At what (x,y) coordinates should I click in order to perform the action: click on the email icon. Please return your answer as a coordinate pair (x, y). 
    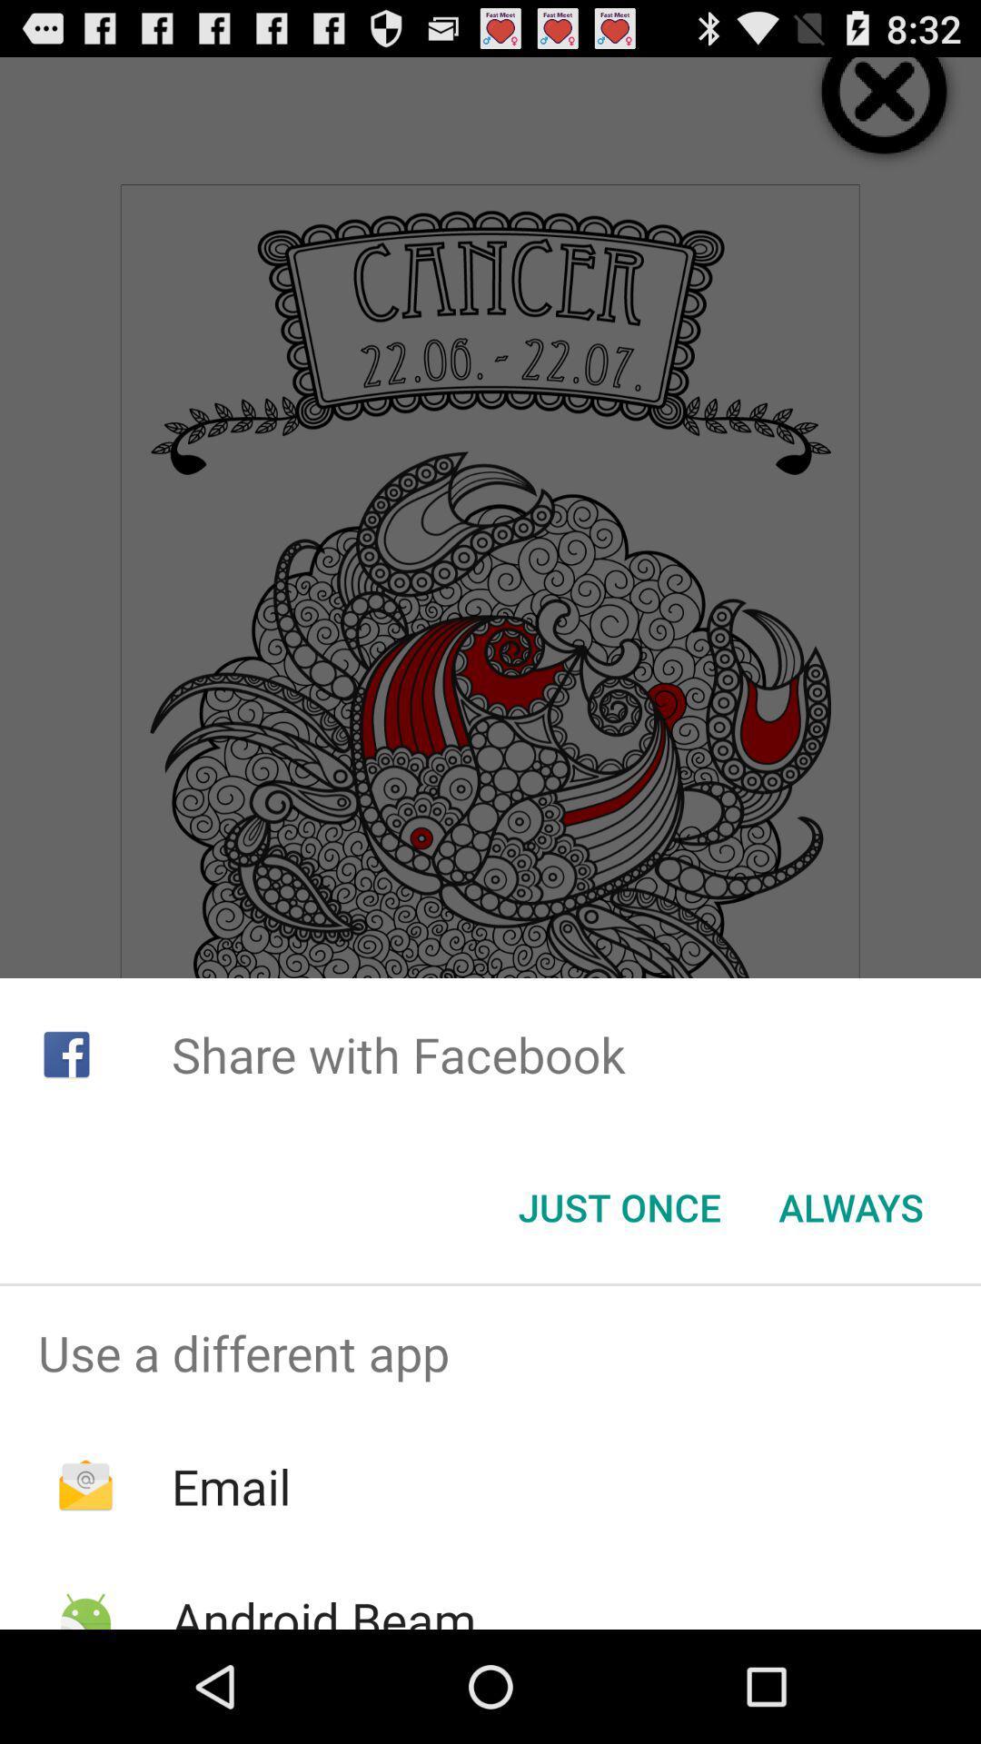
    Looking at the image, I should click on (230, 1486).